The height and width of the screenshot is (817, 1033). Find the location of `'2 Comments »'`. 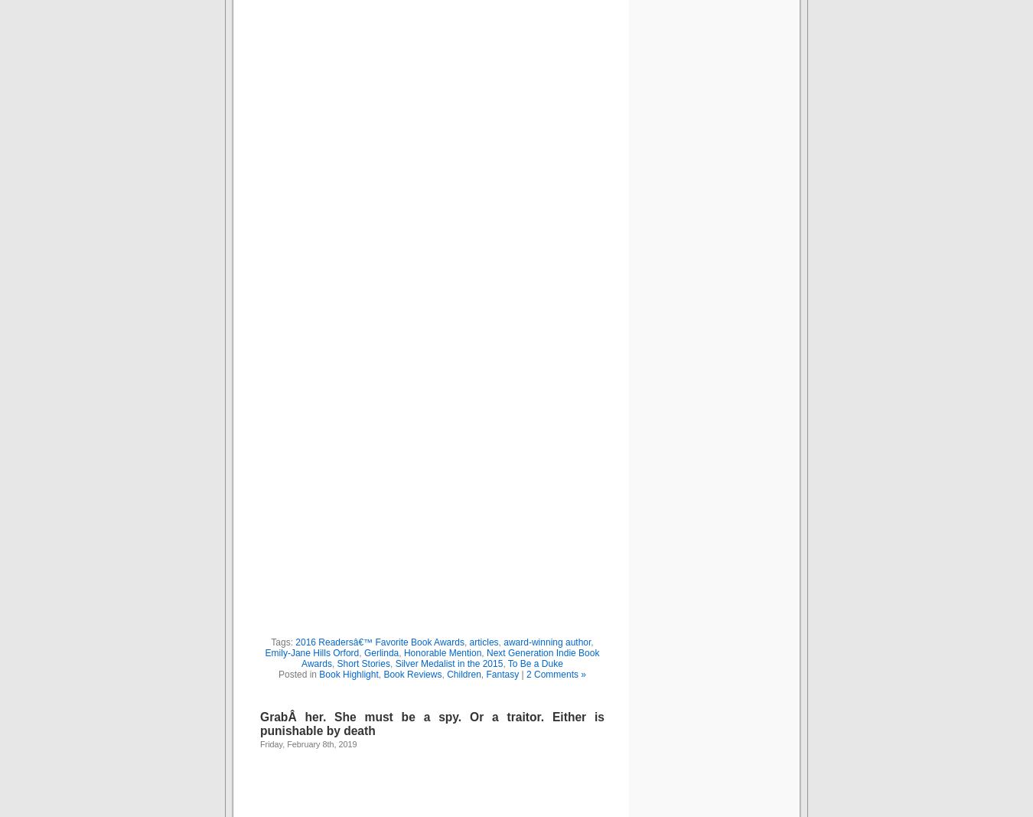

'2 Comments »' is located at coordinates (555, 672).